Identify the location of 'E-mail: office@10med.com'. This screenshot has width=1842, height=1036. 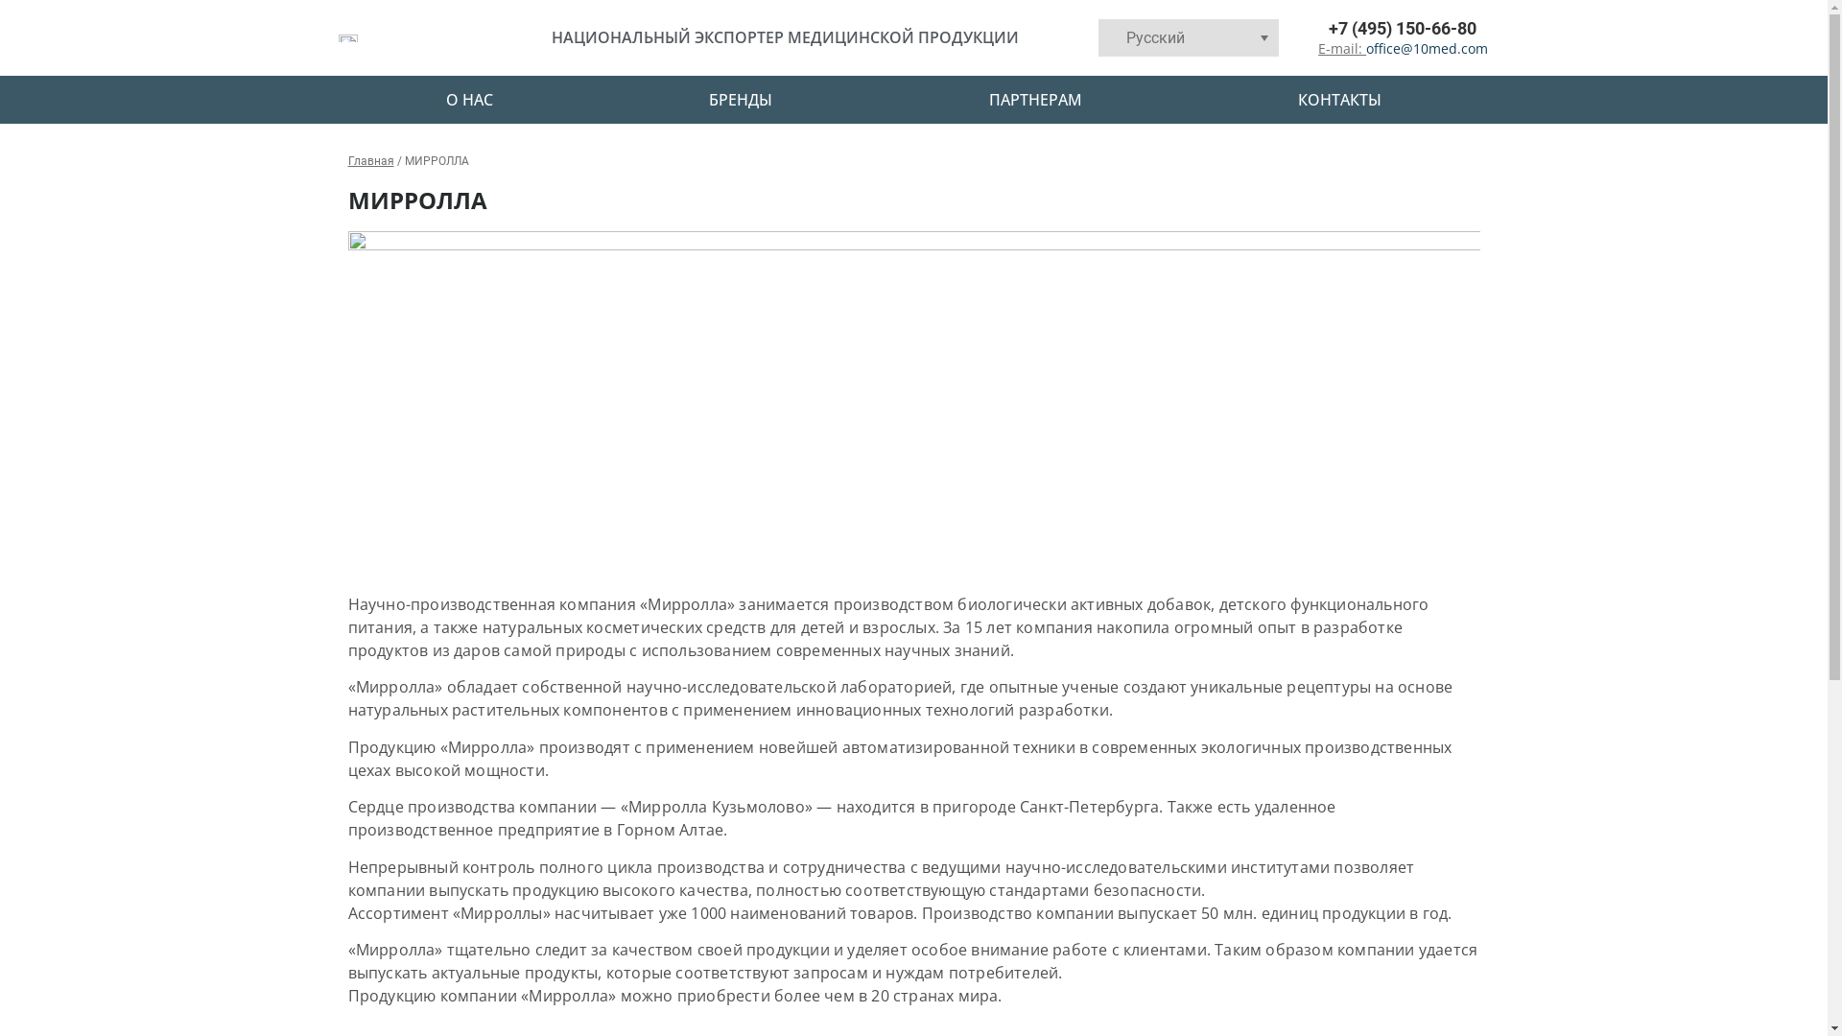
(1387, 47).